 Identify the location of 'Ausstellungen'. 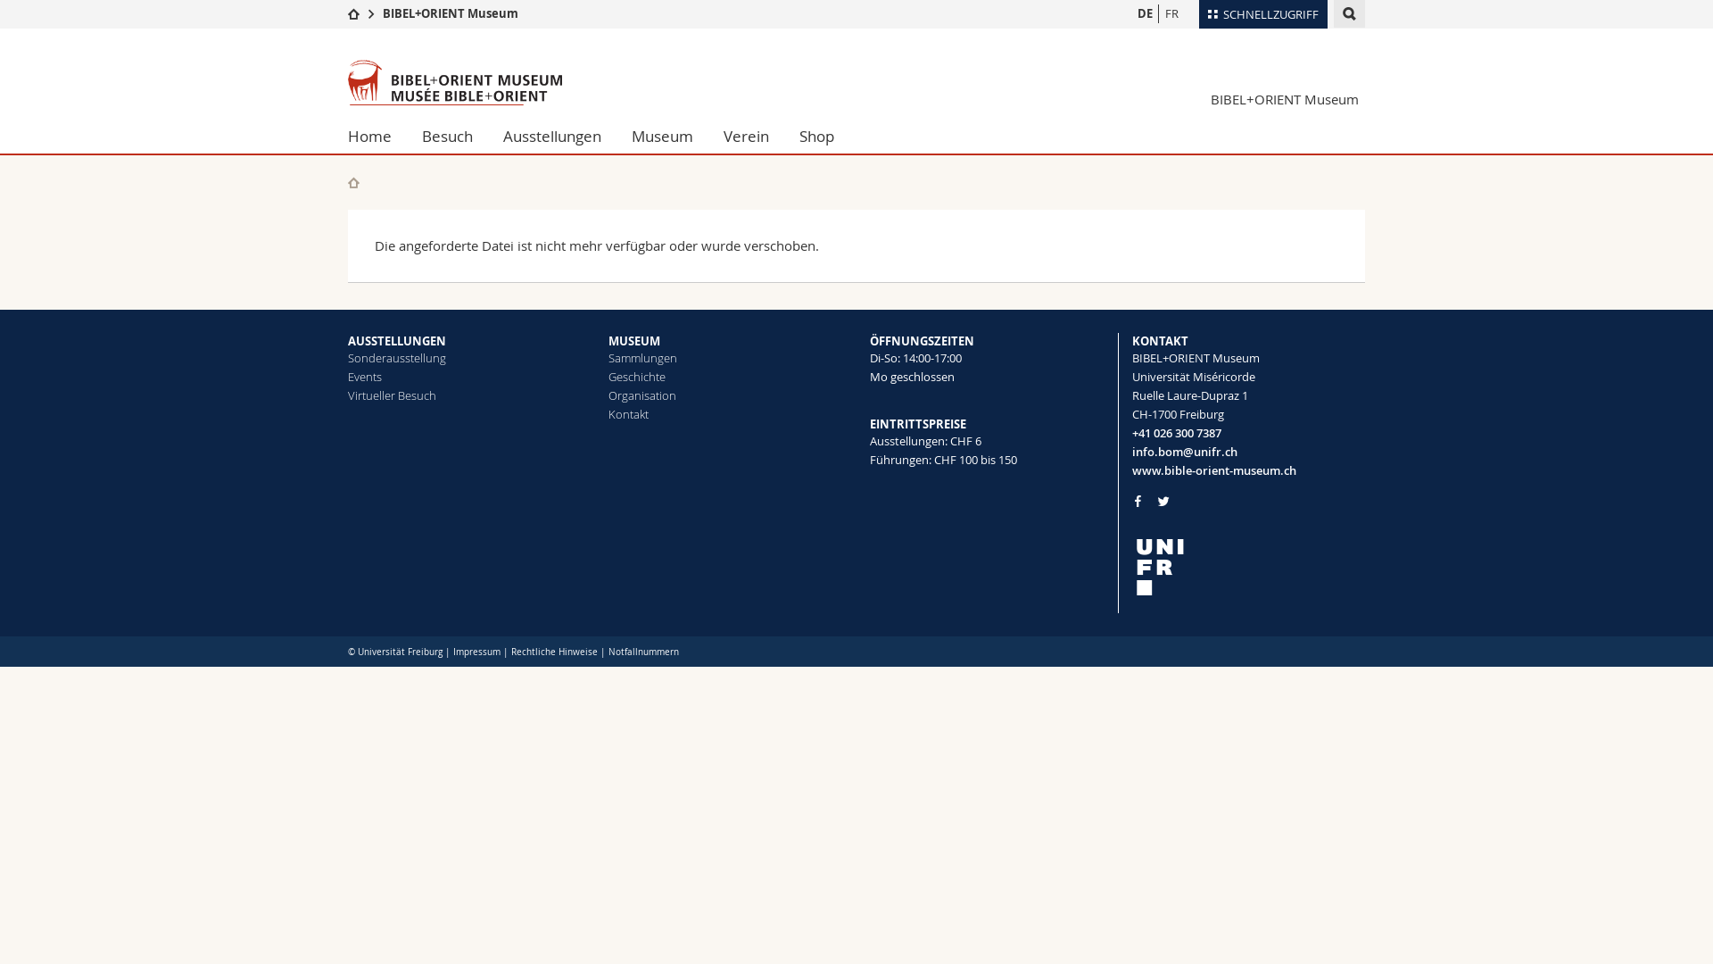
(488, 136).